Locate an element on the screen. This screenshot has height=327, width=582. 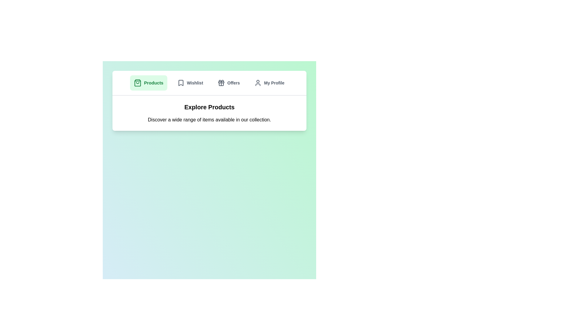
the green shopping bag icon located inside the 'Products' button in the top navigation bar is located at coordinates (137, 83).